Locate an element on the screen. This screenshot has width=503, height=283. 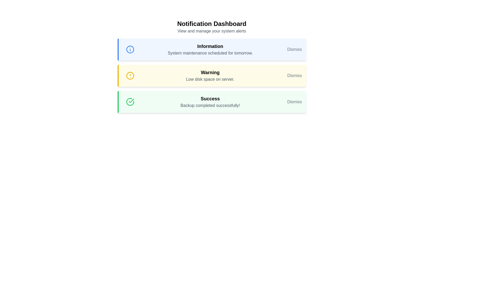
informational text within the notification card that states 'Success' and 'Backup completed successfully!' is located at coordinates (210, 102).